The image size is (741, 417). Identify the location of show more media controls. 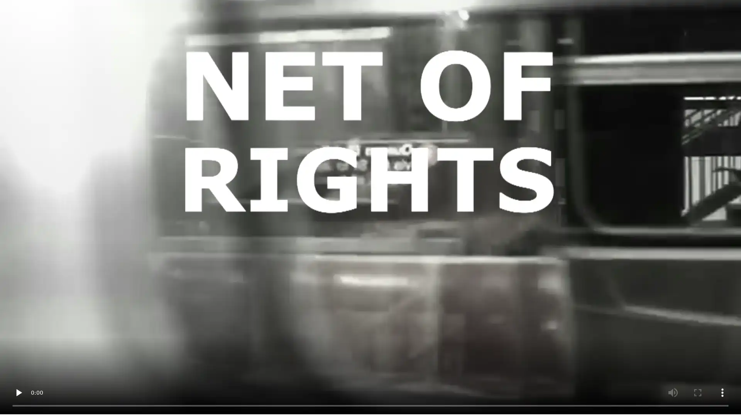
(722, 392).